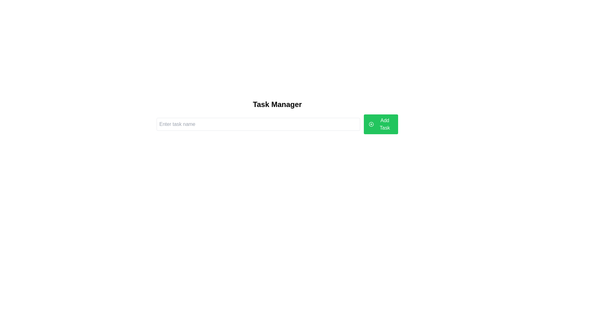 Image resolution: width=593 pixels, height=334 pixels. What do you see at coordinates (381, 124) in the screenshot?
I see `the button that triggers the addition of a new task to a list` at bounding box center [381, 124].